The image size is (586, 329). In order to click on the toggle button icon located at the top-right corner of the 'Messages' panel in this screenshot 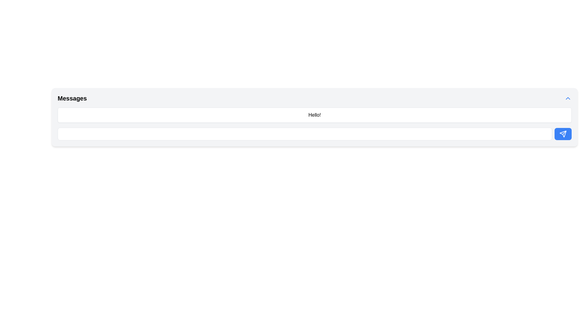, I will do `click(568, 98)`.